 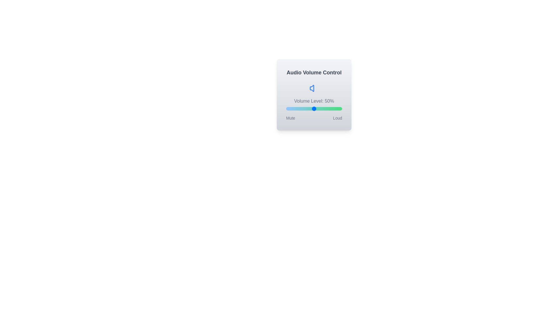 What do you see at coordinates (316, 109) in the screenshot?
I see `the volume slider to set the volume to 54%` at bounding box center [316, 109].